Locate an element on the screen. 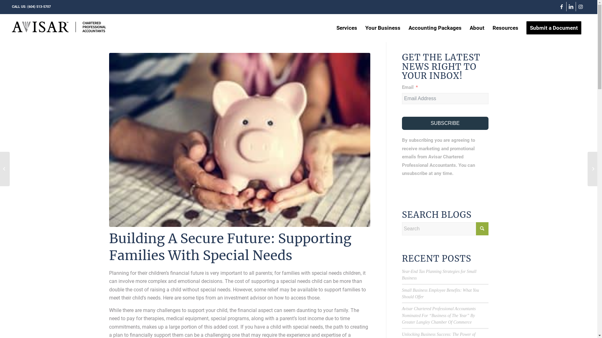 The height and width of the screenshot is (338, 602). 'SUBSCRIBE' is located at coordinates (445, 123).